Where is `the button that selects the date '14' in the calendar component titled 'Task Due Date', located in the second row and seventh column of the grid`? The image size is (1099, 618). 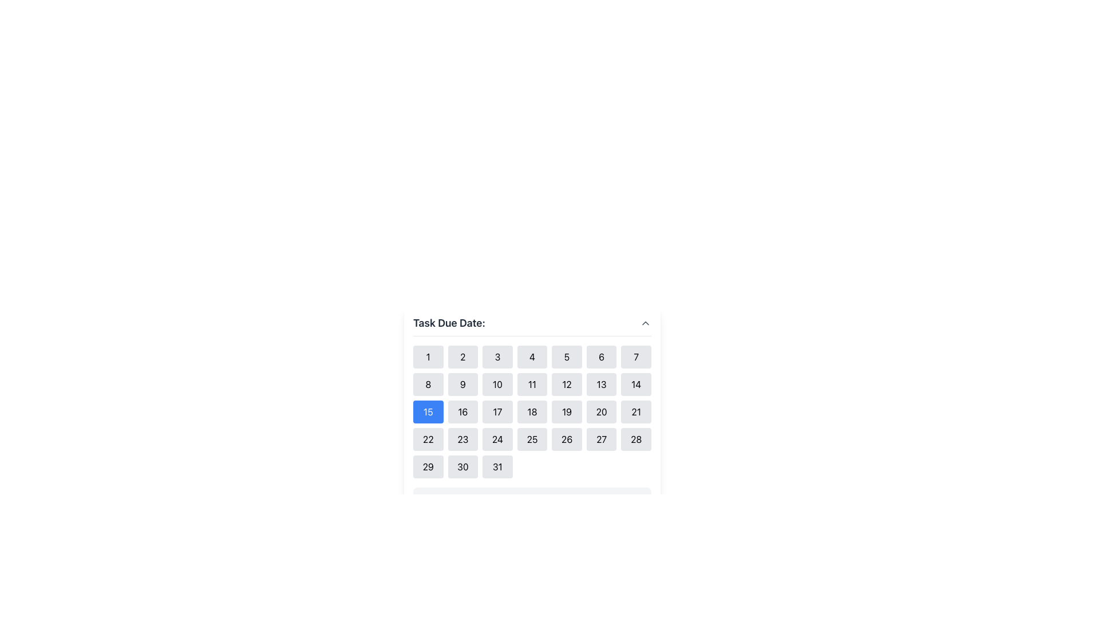 the button that selects the date '14' in the calendar component titled 'Task Due Date', located in the second row and seventh column of the grid is located at coordinates (635, 384).